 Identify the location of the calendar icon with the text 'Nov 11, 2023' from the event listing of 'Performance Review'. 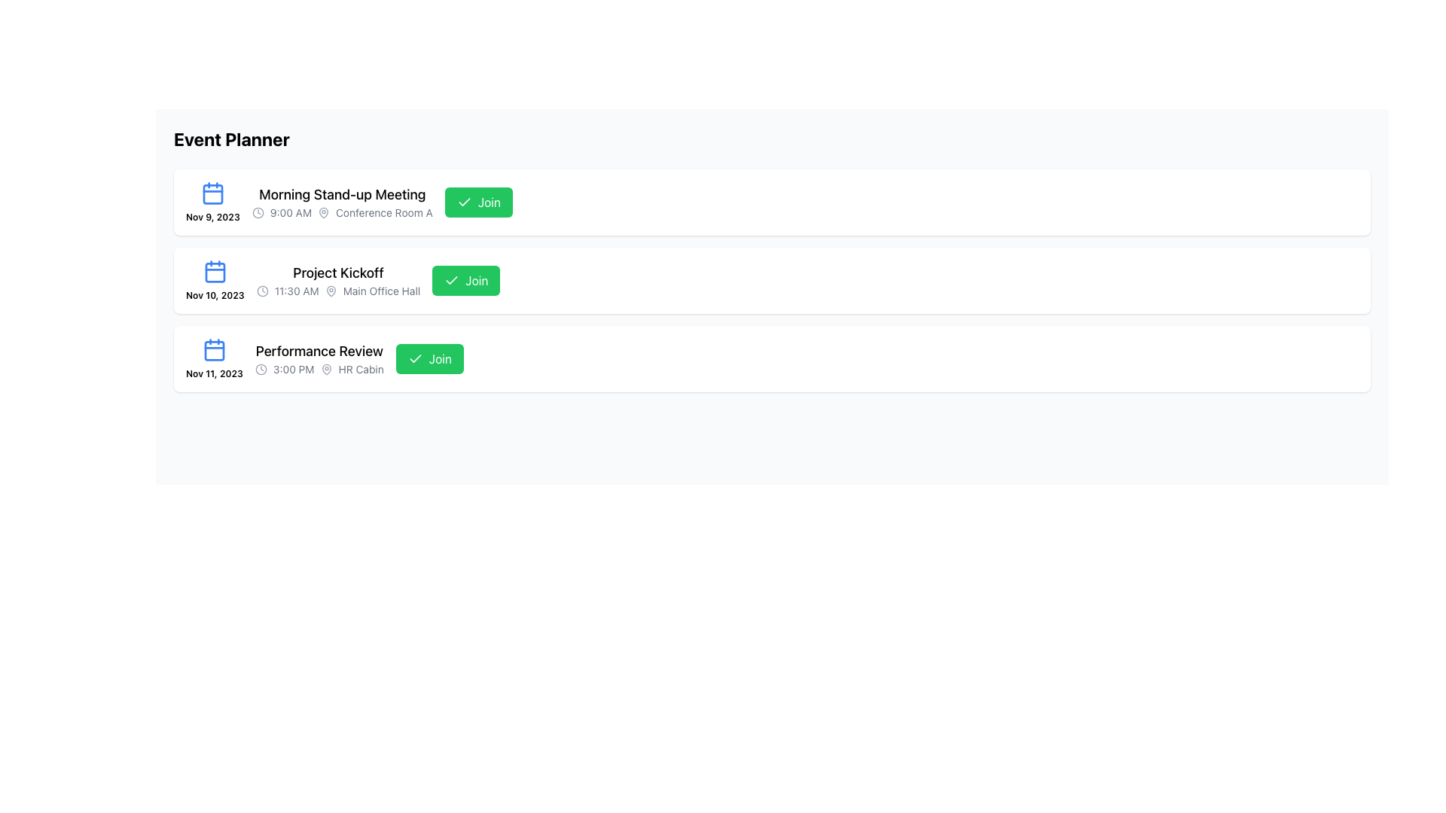
(213, 359).